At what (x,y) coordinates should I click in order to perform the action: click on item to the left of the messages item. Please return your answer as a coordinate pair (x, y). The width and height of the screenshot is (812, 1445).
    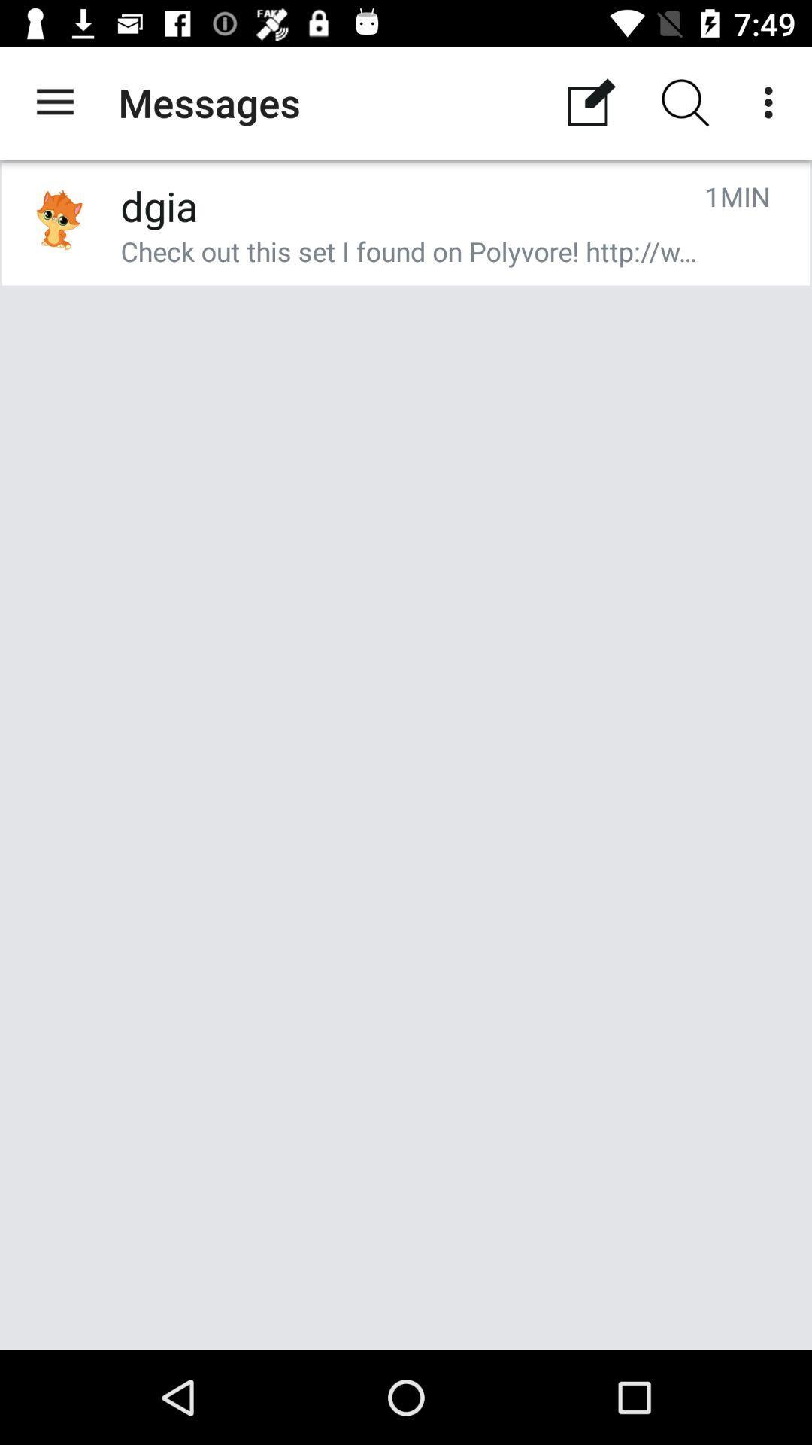
    Looking at the image, I should click on (54, 102).